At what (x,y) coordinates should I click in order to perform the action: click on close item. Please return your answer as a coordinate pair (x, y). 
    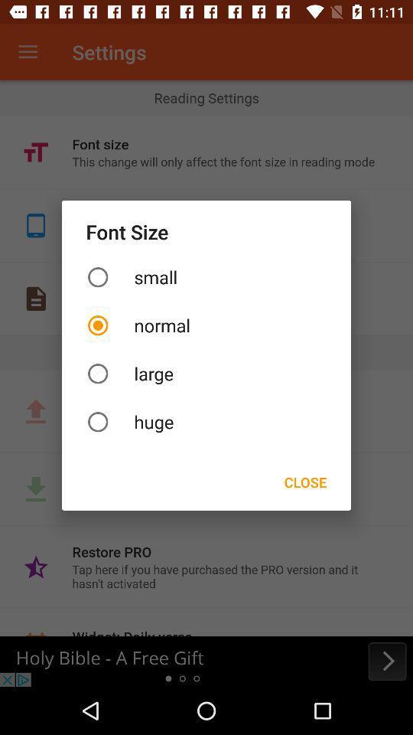
    Looking at the image, I should click on (305, 481).